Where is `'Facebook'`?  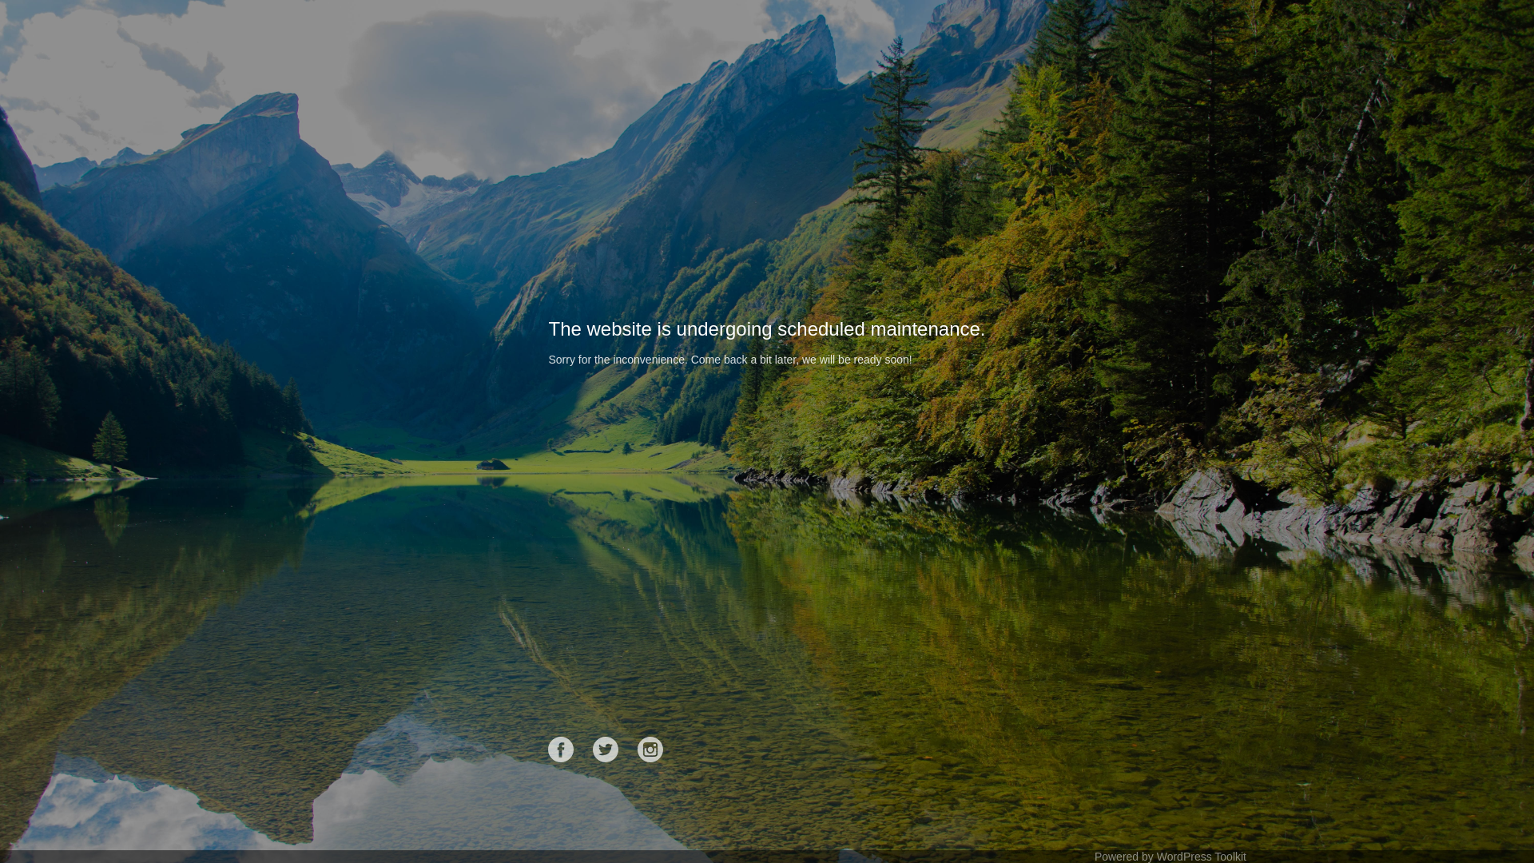 'Facebook' is located at coordinates (560, 749).